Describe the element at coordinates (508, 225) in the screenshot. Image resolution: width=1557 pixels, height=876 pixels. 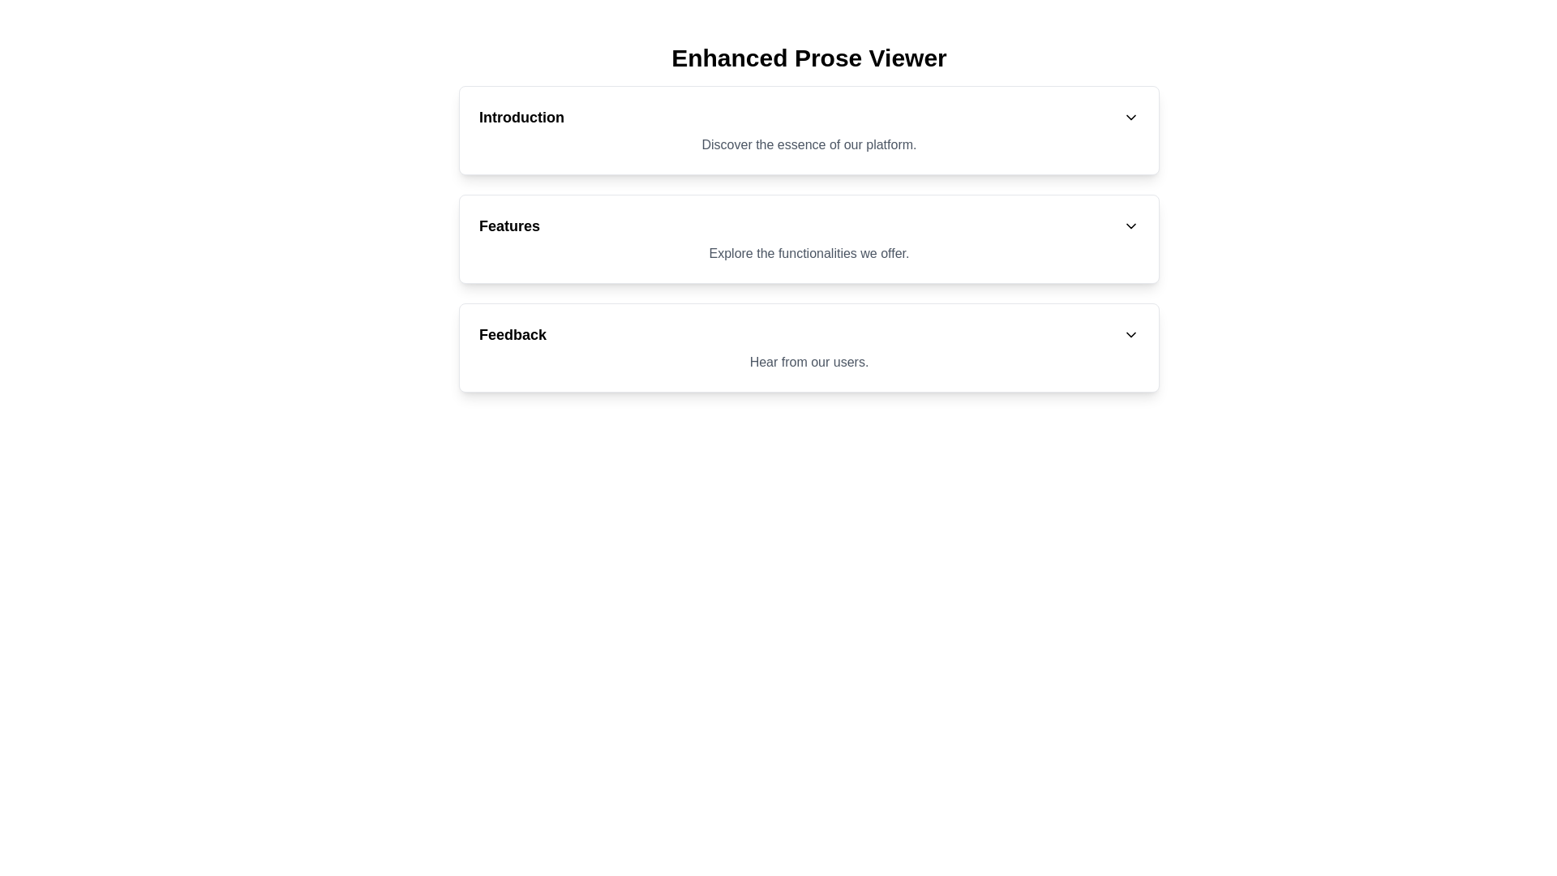
I see `the static text header labeled 'Features', which is styled with a large and bold font, located below the 'Introduction' section and above the 'Feedback' section, aligned to the left` at that location.